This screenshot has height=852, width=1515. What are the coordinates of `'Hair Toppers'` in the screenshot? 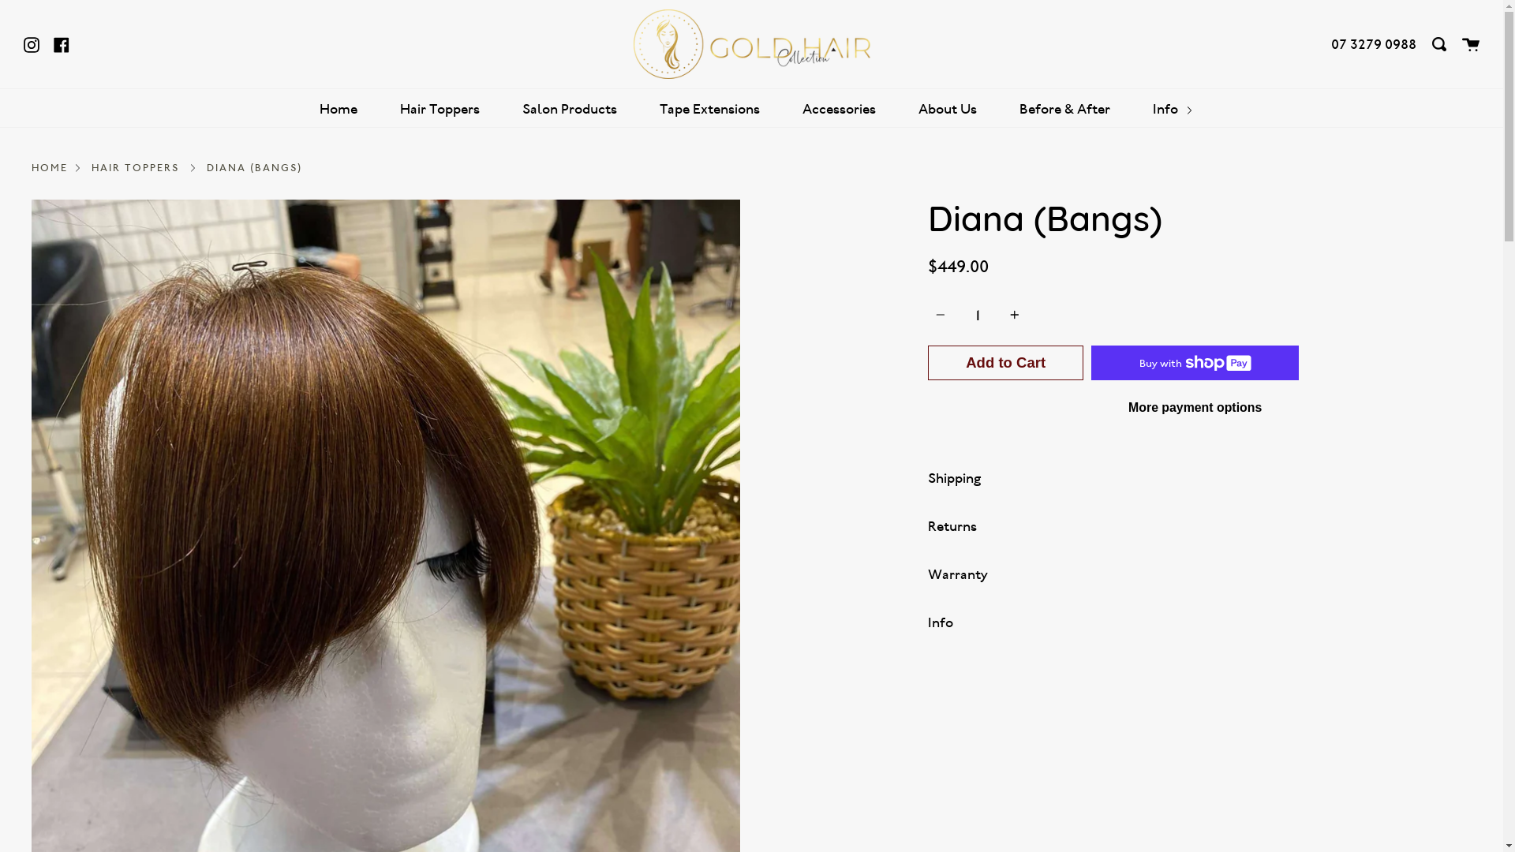 It's located at (440, 108).